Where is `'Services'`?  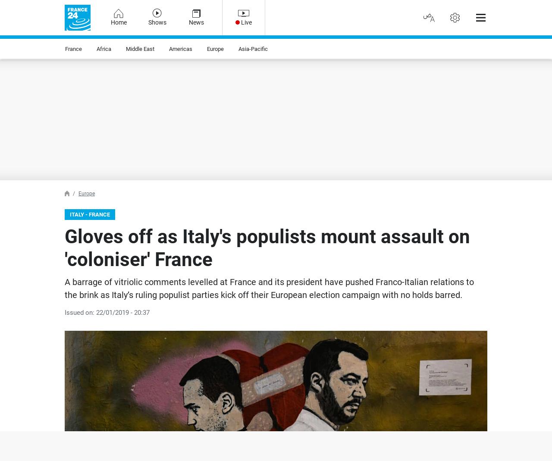 'Services' is located at coordinates (24, 18).